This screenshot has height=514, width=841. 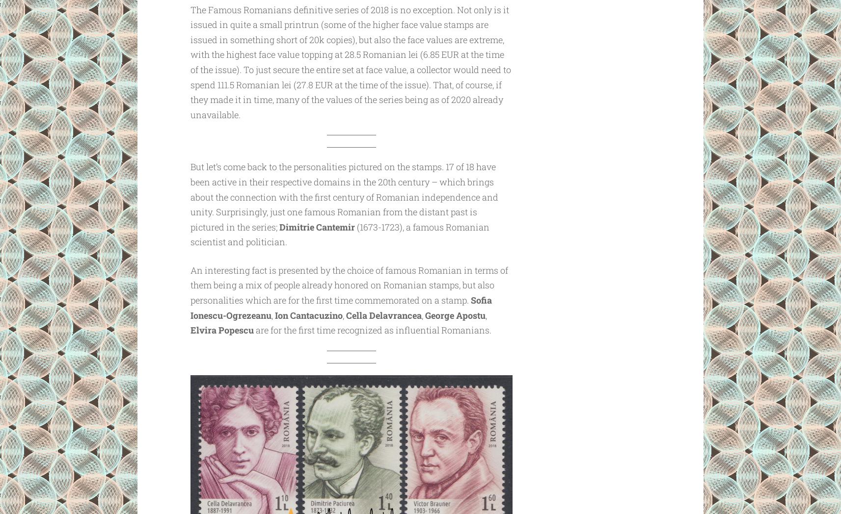 What do you see at coordinates (455, 314) in the screenshot?
I see `'George Apostu'` at bounding box center [455, 314].